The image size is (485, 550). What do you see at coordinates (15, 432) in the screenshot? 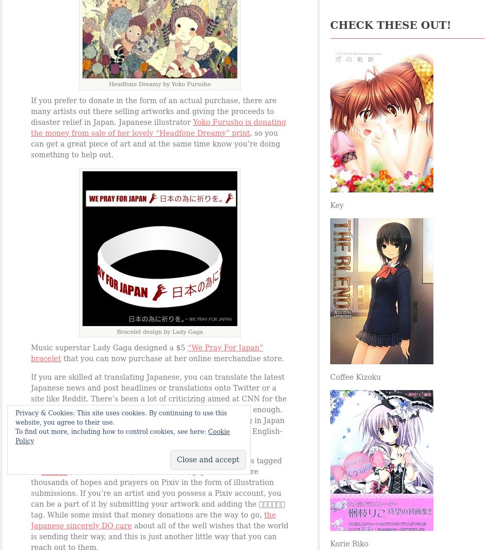
I see `'To find out more, including how to control cookies, see here:'` at bounding box center [15, 432].